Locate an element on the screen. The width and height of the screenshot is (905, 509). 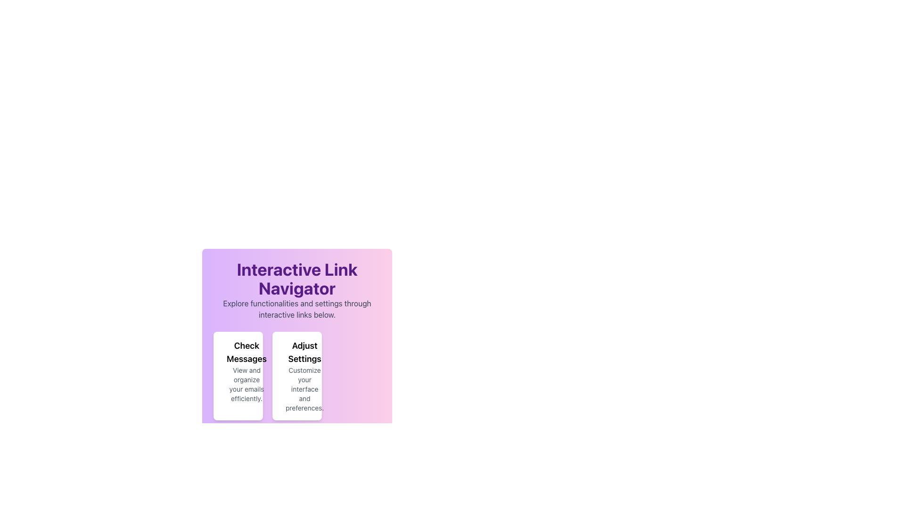
the Information Panel, which is the second item from the left in the horizontal layout below the heading 'Interactive Link Navigator' is located at coordinates (296, 376).